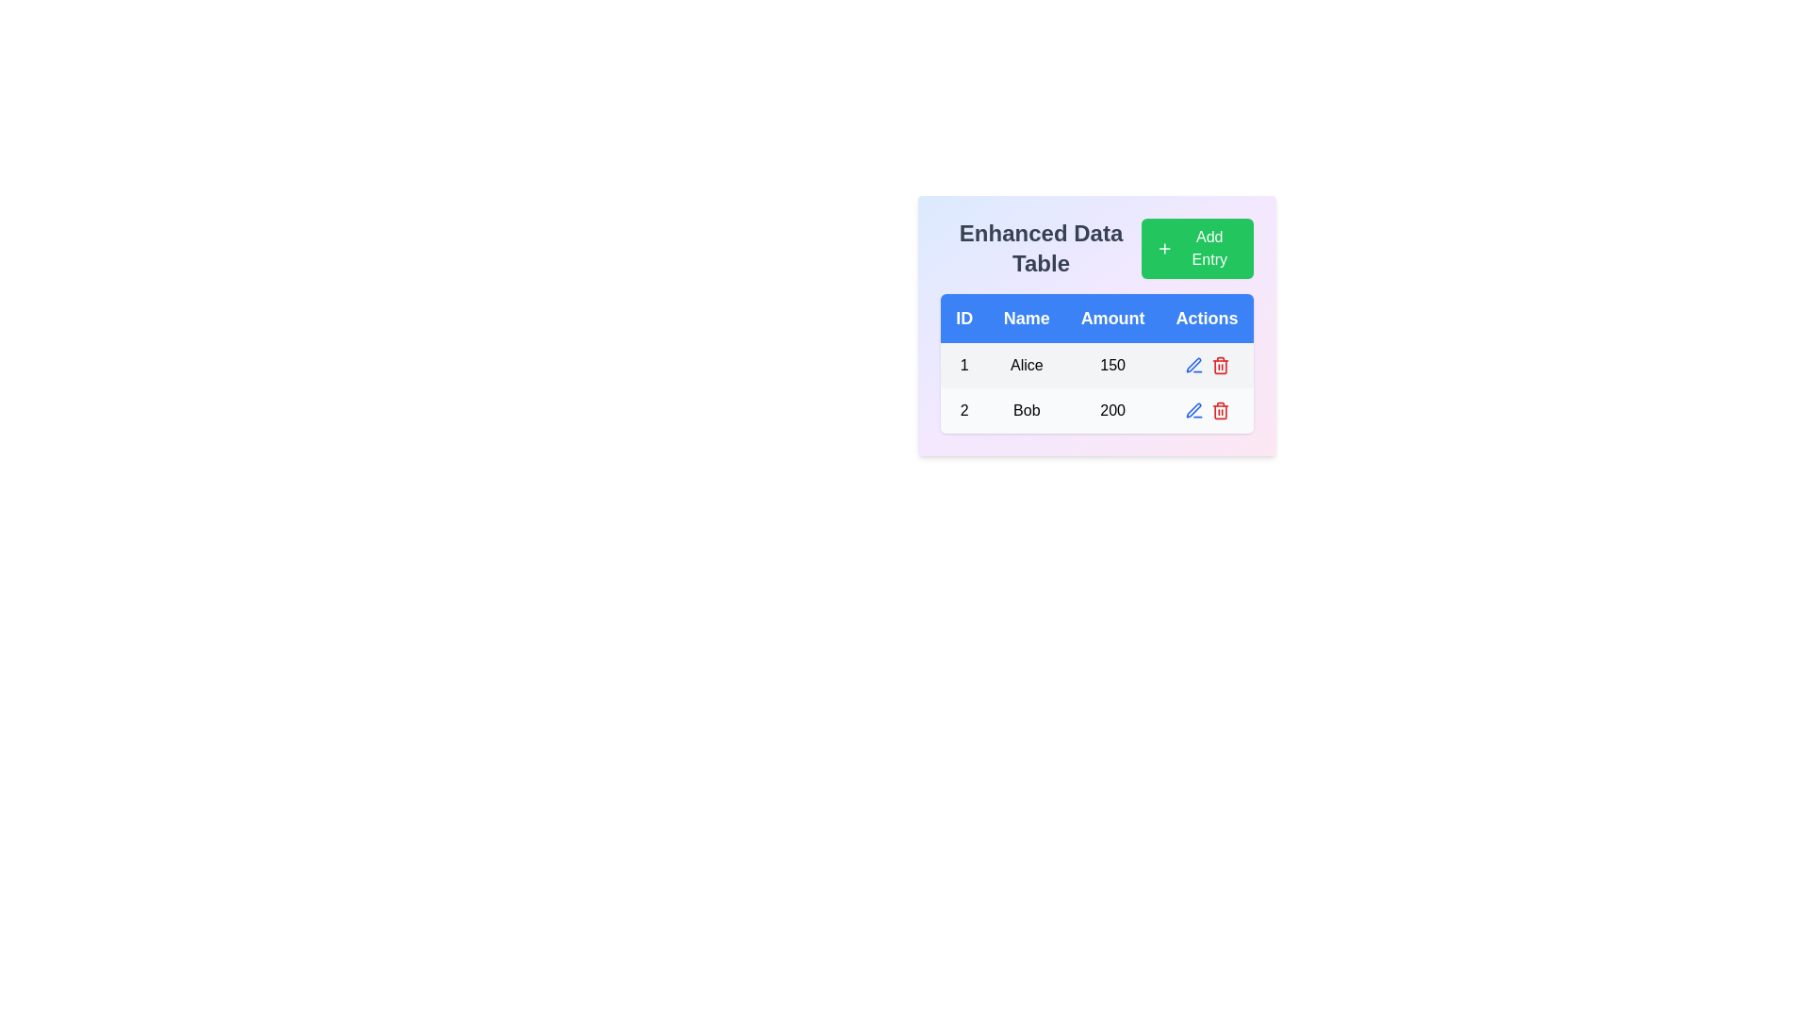 Image resolution: width=1810 pixels, height=1018 pixels. I want to click on the table header element indicating monetary or numerical data, located between the 'Name' and 'Actions' headers, so click(1112, 318).